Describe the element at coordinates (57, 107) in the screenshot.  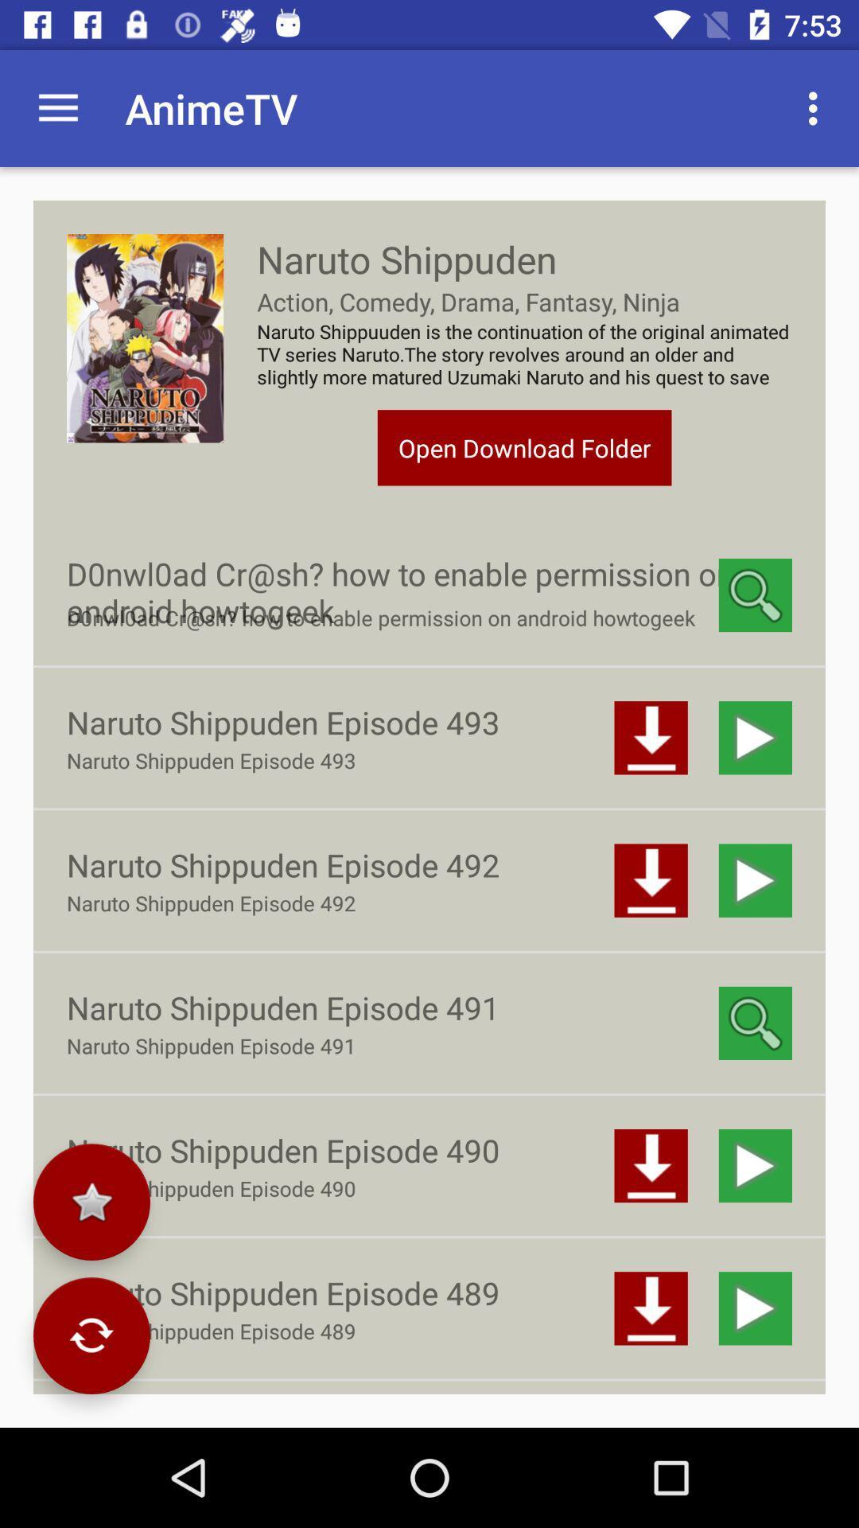
I see `icon next to the animetv icon` at that location.